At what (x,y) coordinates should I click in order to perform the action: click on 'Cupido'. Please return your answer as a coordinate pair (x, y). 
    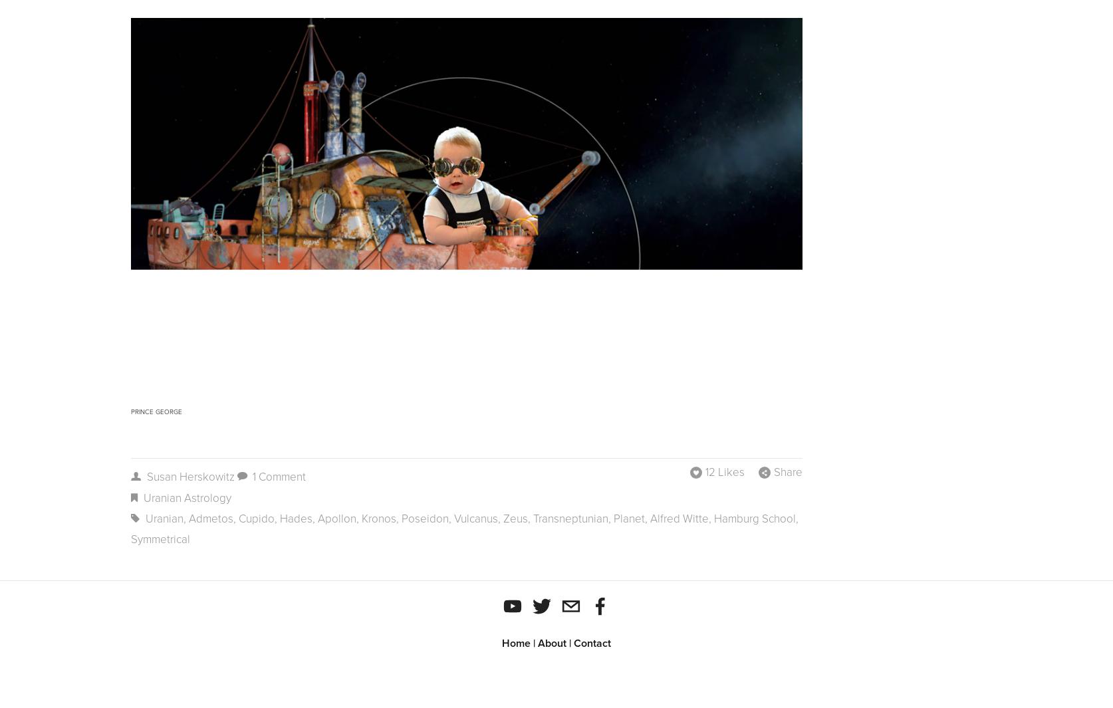
    Looking at the image, I should click on (256, 519).